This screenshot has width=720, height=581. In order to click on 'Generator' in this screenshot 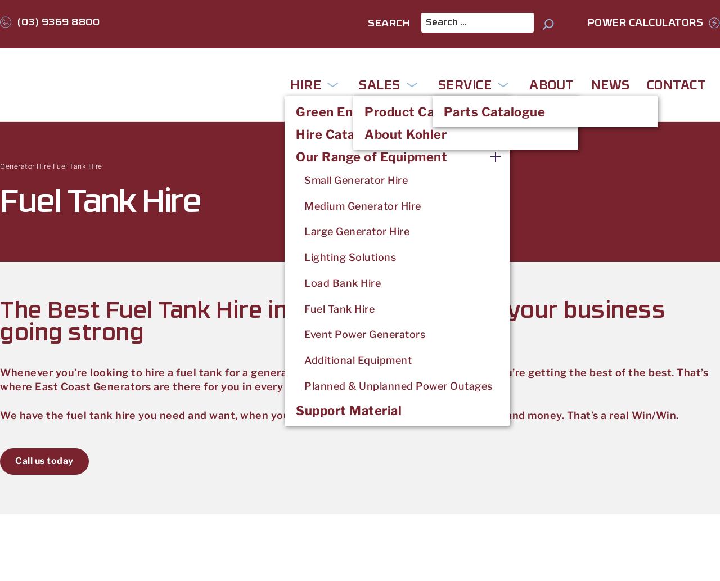, I will do `click(17, 165)`.